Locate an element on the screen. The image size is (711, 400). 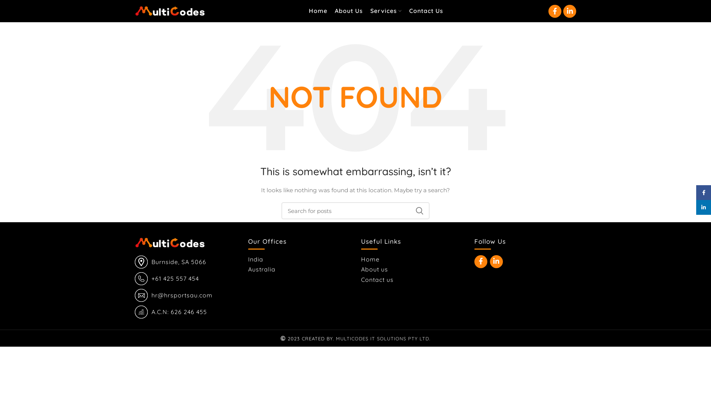
'SEARCH' is located at coordinates (419, 211).